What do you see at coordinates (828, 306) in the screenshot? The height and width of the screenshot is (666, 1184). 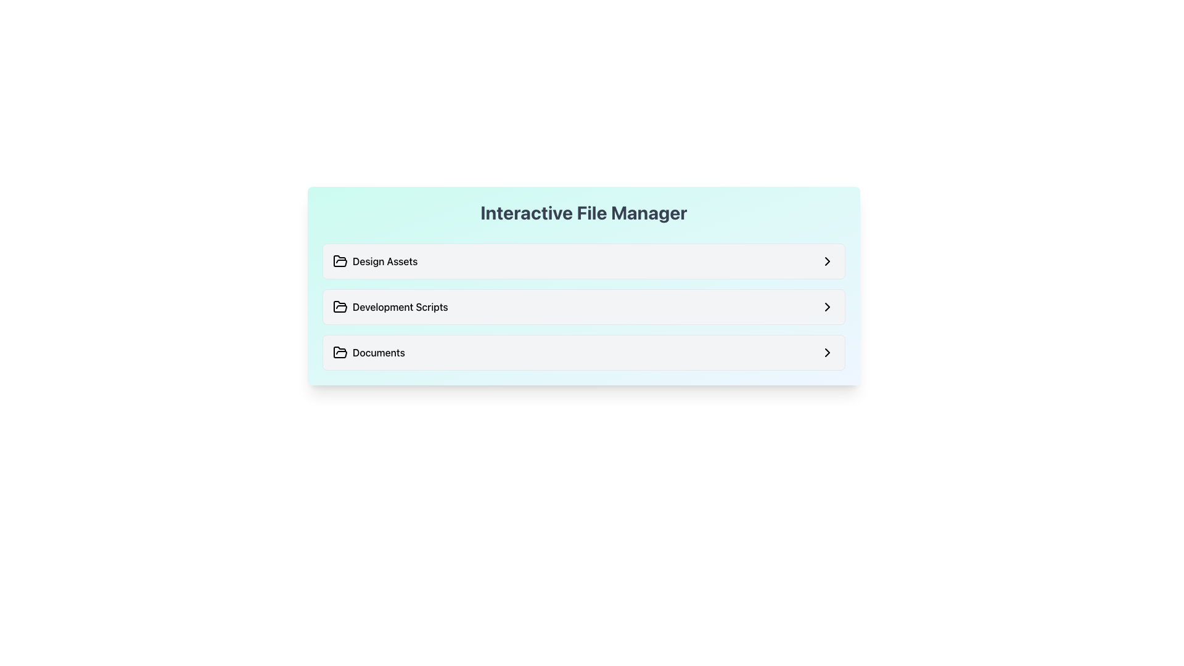 I see `the chevron icon located at the far right side of the 'Development Scripts' list item in the 'Interactive File Manager' interface` at bounding box center [828, 306].